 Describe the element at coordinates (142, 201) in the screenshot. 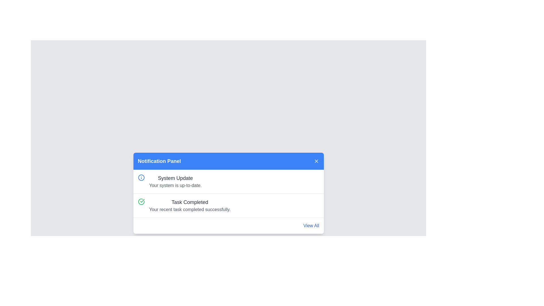

I see `the icon that signifies the successful completion of the task located beside the 'Task Completed' text in the notification panel` at that location.